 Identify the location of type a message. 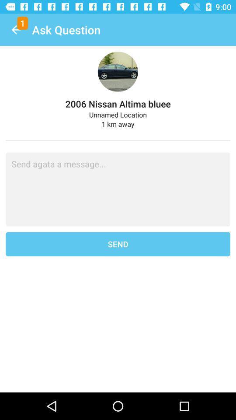
(118, 189).